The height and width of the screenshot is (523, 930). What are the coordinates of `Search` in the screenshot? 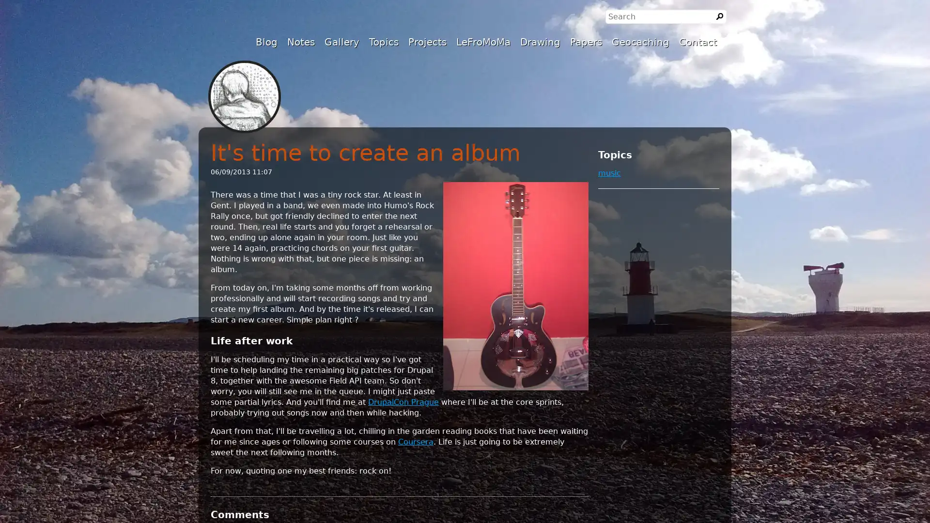 It's located at (720, 16).